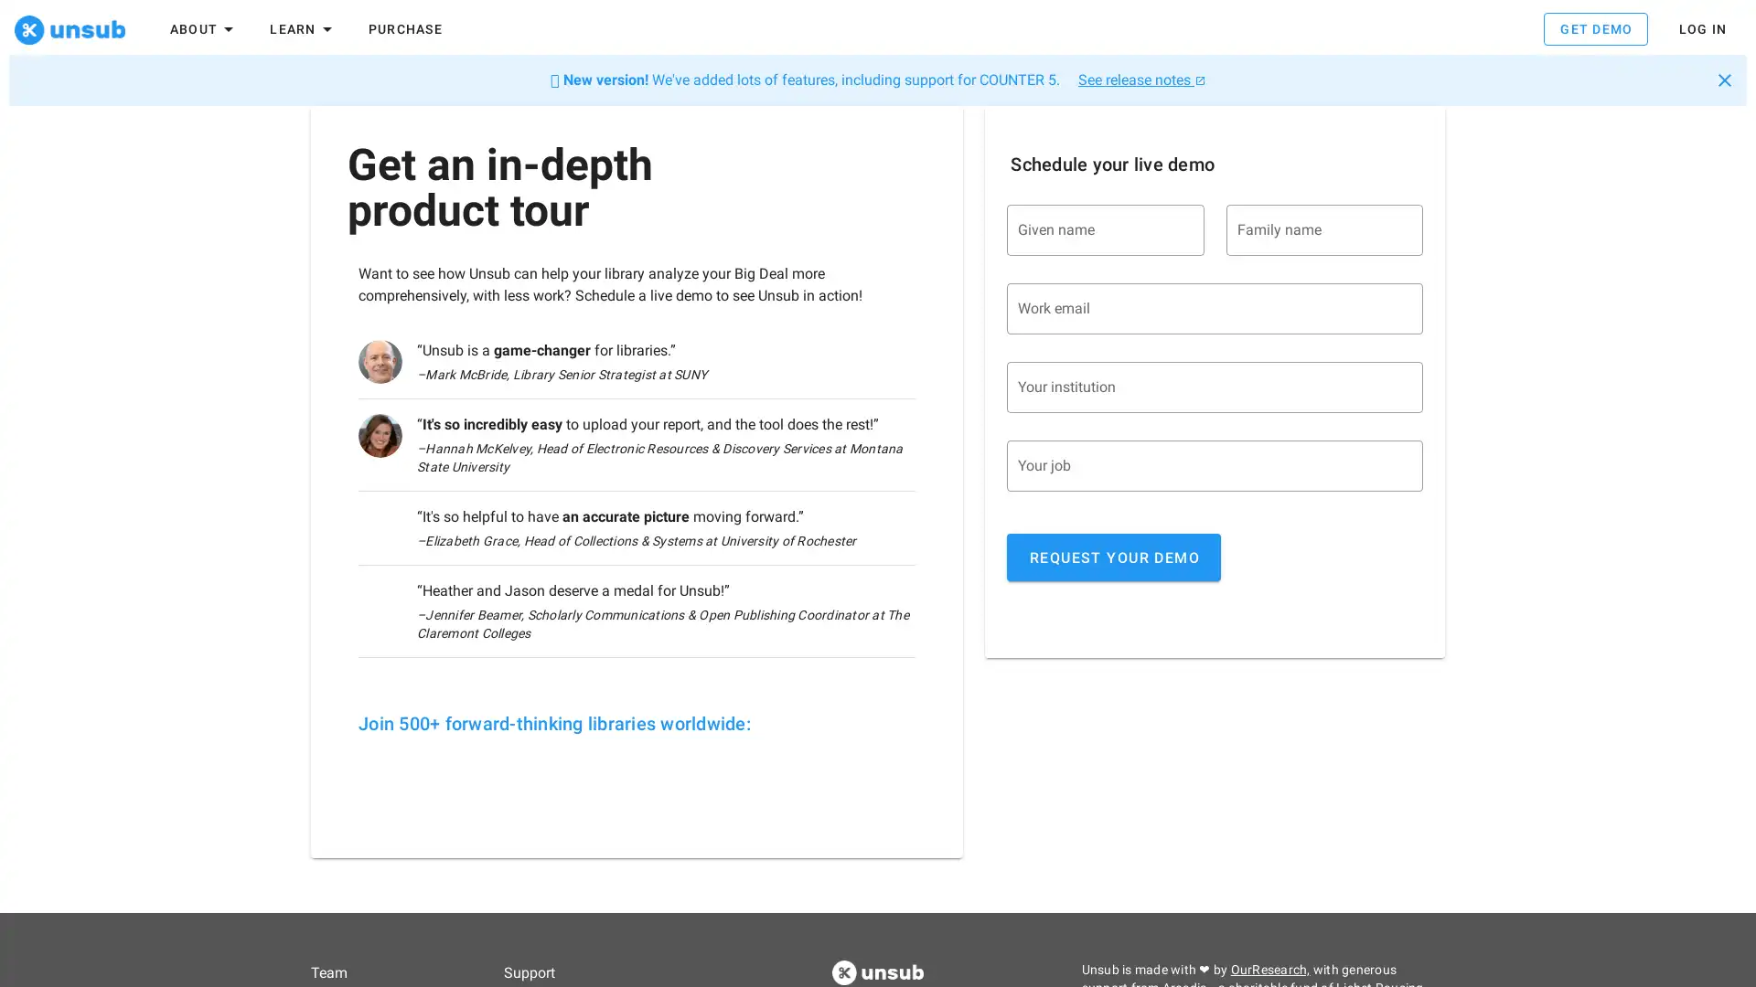 The width and height of the screenshot is (1756, 987). I want to click on ABOUT, so click(203, 28).